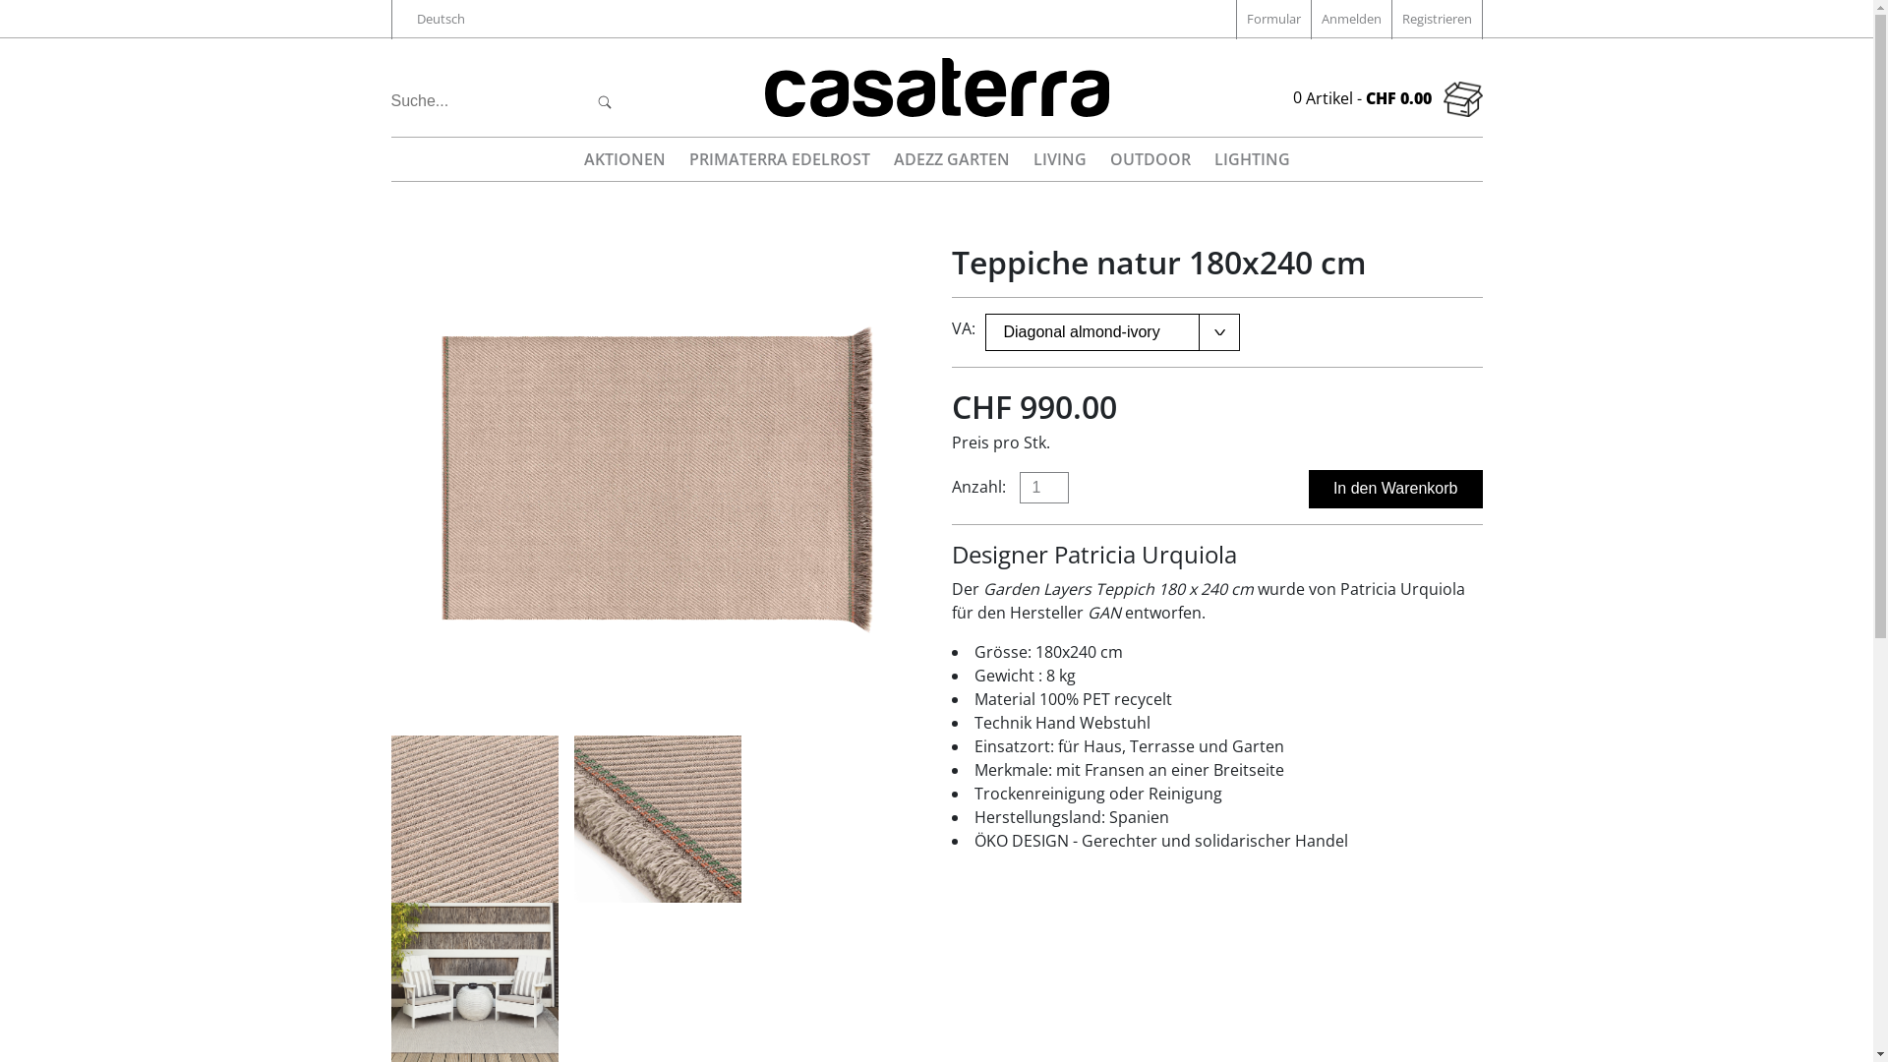  What do you see at coordinates (1150, 158) in the screenshot?
I see `'OUTDOOR'` at bounding box center [1150, 158].